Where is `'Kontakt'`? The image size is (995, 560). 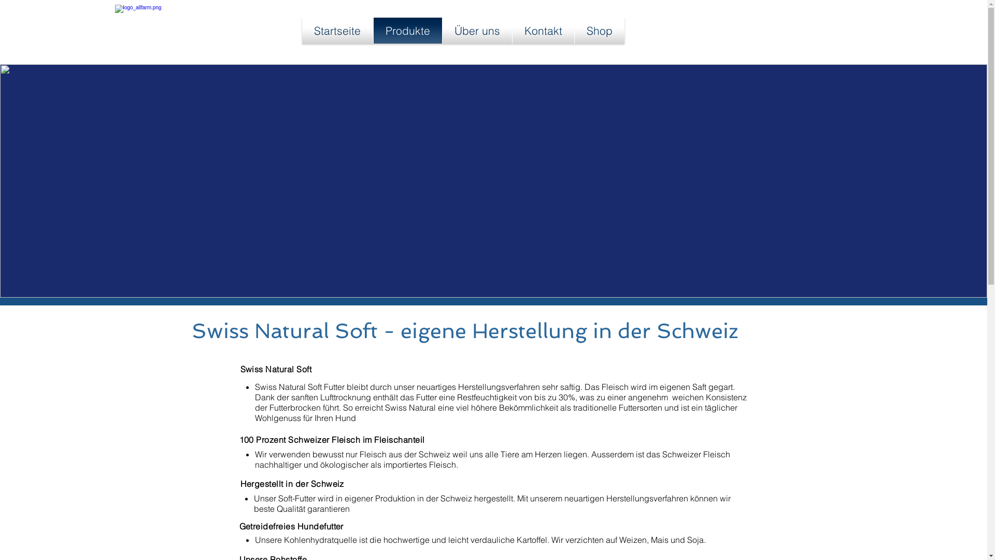 'Kontakt' is located at coordinates (512, 30).